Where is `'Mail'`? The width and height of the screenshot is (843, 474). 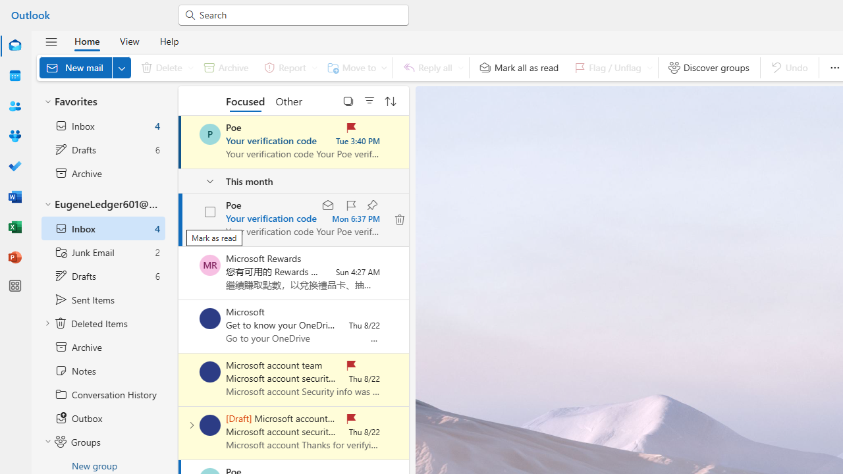 'Mail' is located at coordinates (15, 45).